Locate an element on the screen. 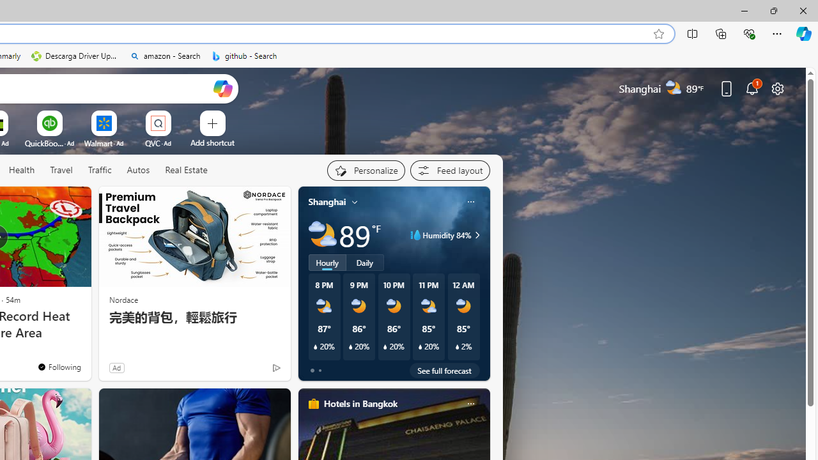 The image size is (818, 460). 'tab-1' is located at coordinates (320, 370).